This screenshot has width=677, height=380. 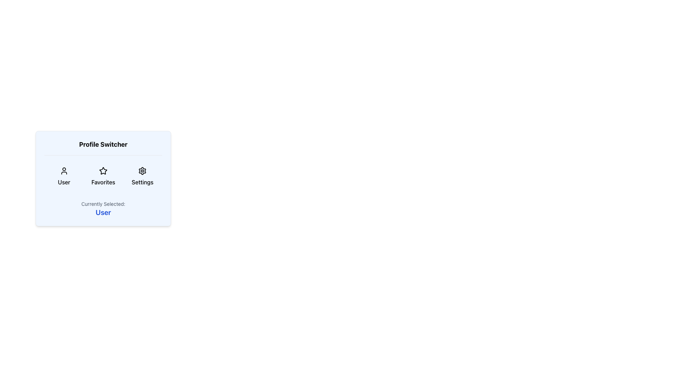 I want to click on star icon above the 'Favorites' label in the interface using developer tools, so click(x=103, y=171).